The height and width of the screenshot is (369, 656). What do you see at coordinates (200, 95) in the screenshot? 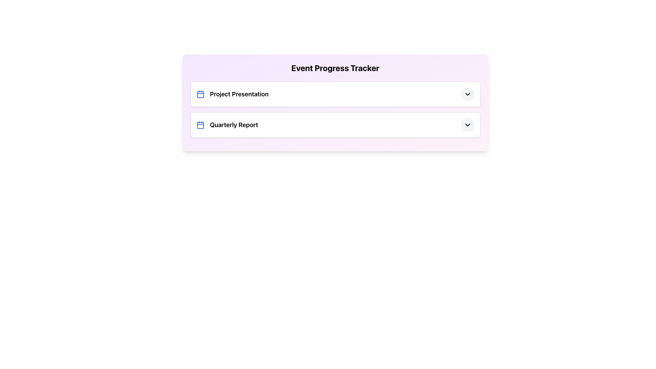
I see `the graphical icon element that is a subcomponent of the blue calendar icon located to the left of the text 'Project Presentation'` at bounding box center [200, 95].